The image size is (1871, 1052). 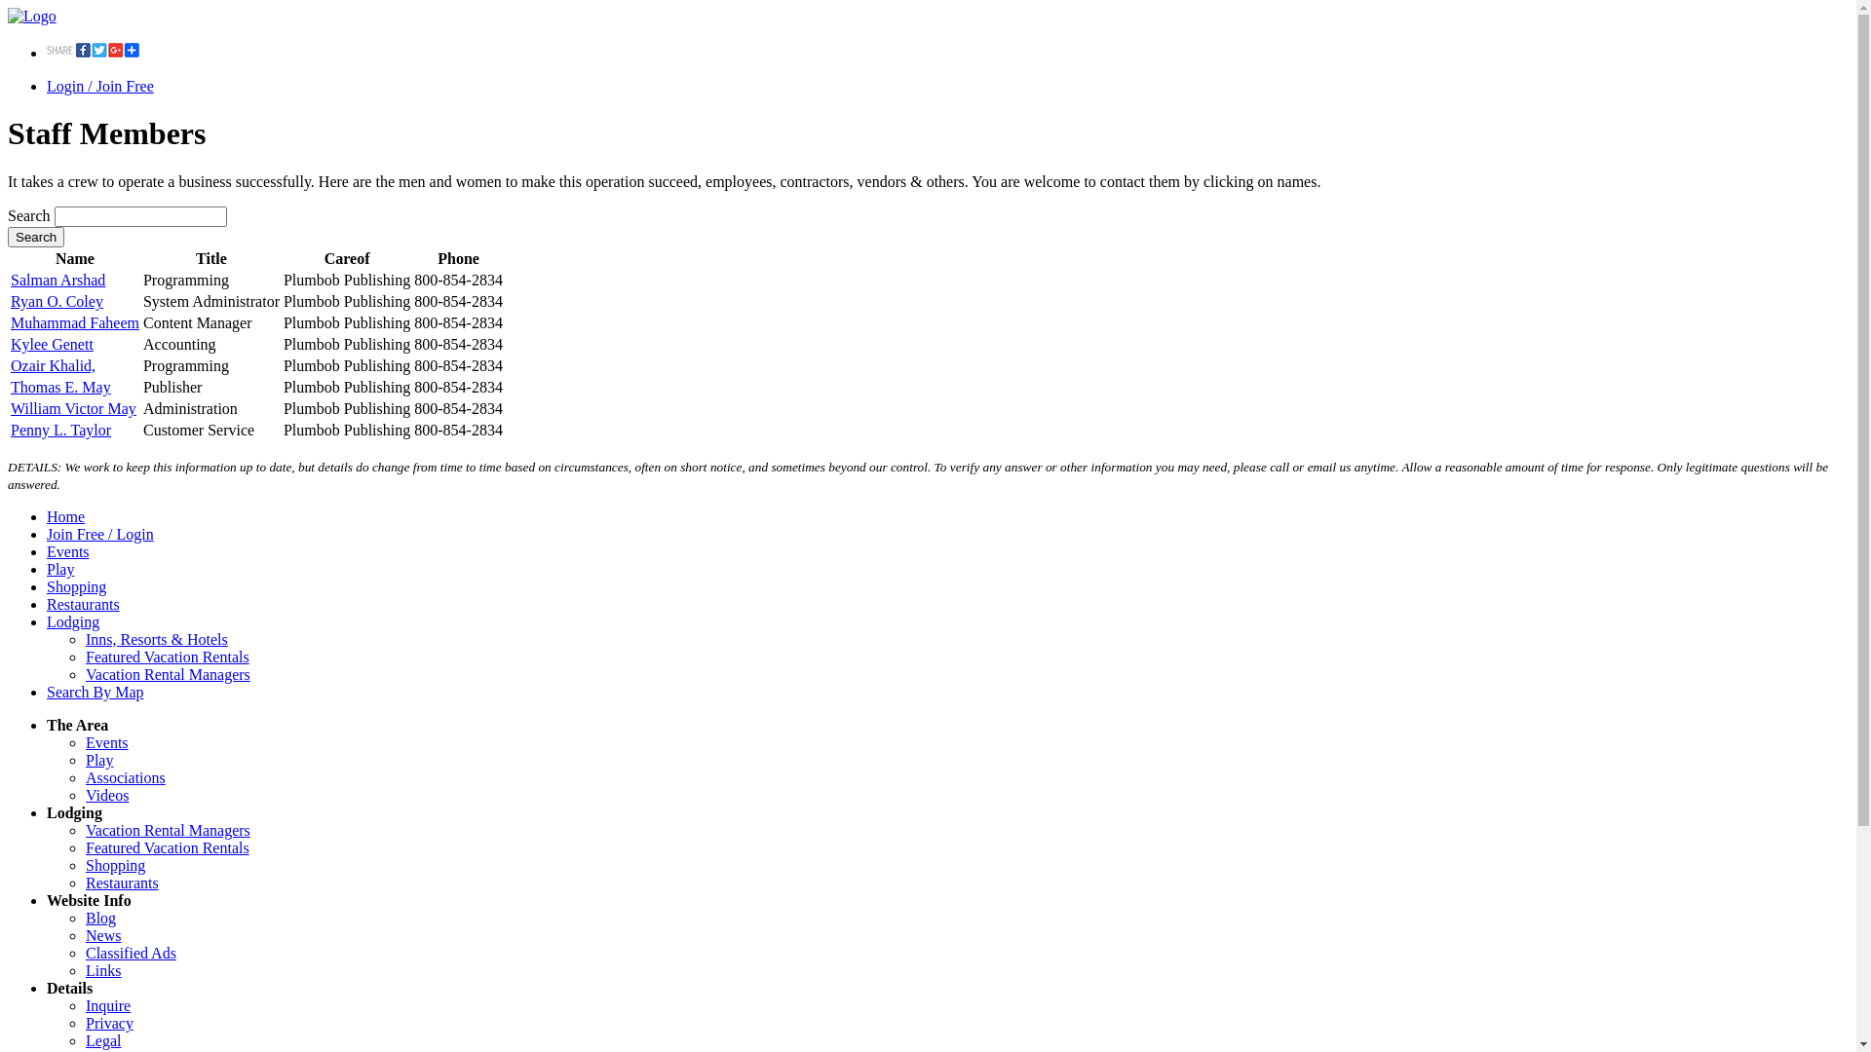 What do you see at coordinates (157, 639) in the screenshot?
I see `'Inns, Resorts & Hotels'` at bounding box center [157, 639].